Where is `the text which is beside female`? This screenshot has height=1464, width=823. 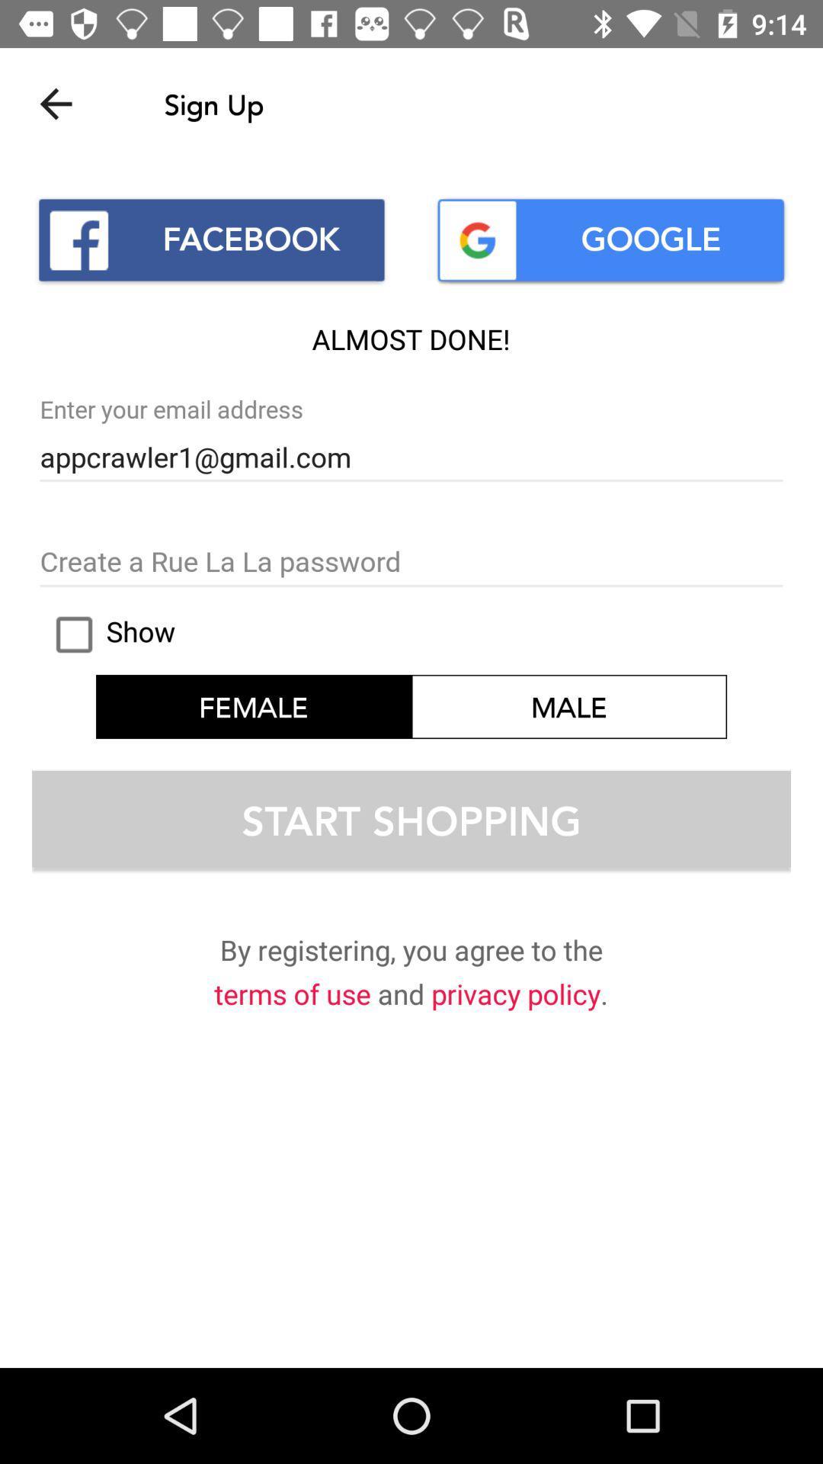 the text which is beside female is located at coordinates (569, 705).